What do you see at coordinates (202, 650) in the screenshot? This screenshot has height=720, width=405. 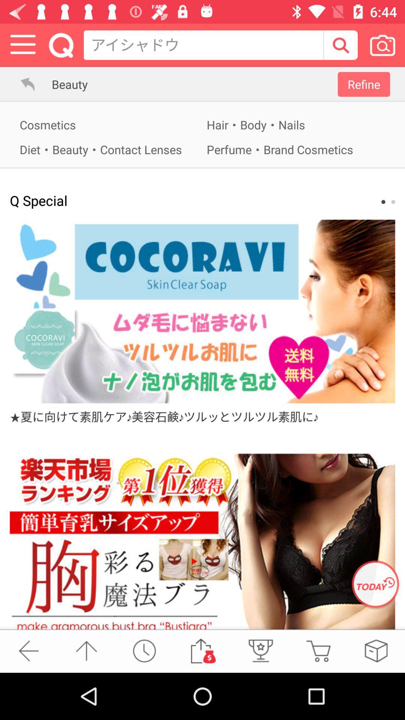 I see `sand` at bounding box center [202, 650].